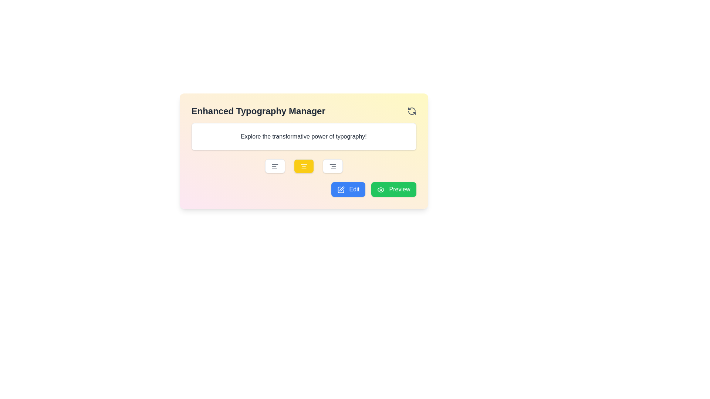 This screenshot has height=399, width=710. Describe the element at coordinates (304, 166) in the screenshot. I see `the icon featuring three horizontal lines within a yellow circular area` at that location.